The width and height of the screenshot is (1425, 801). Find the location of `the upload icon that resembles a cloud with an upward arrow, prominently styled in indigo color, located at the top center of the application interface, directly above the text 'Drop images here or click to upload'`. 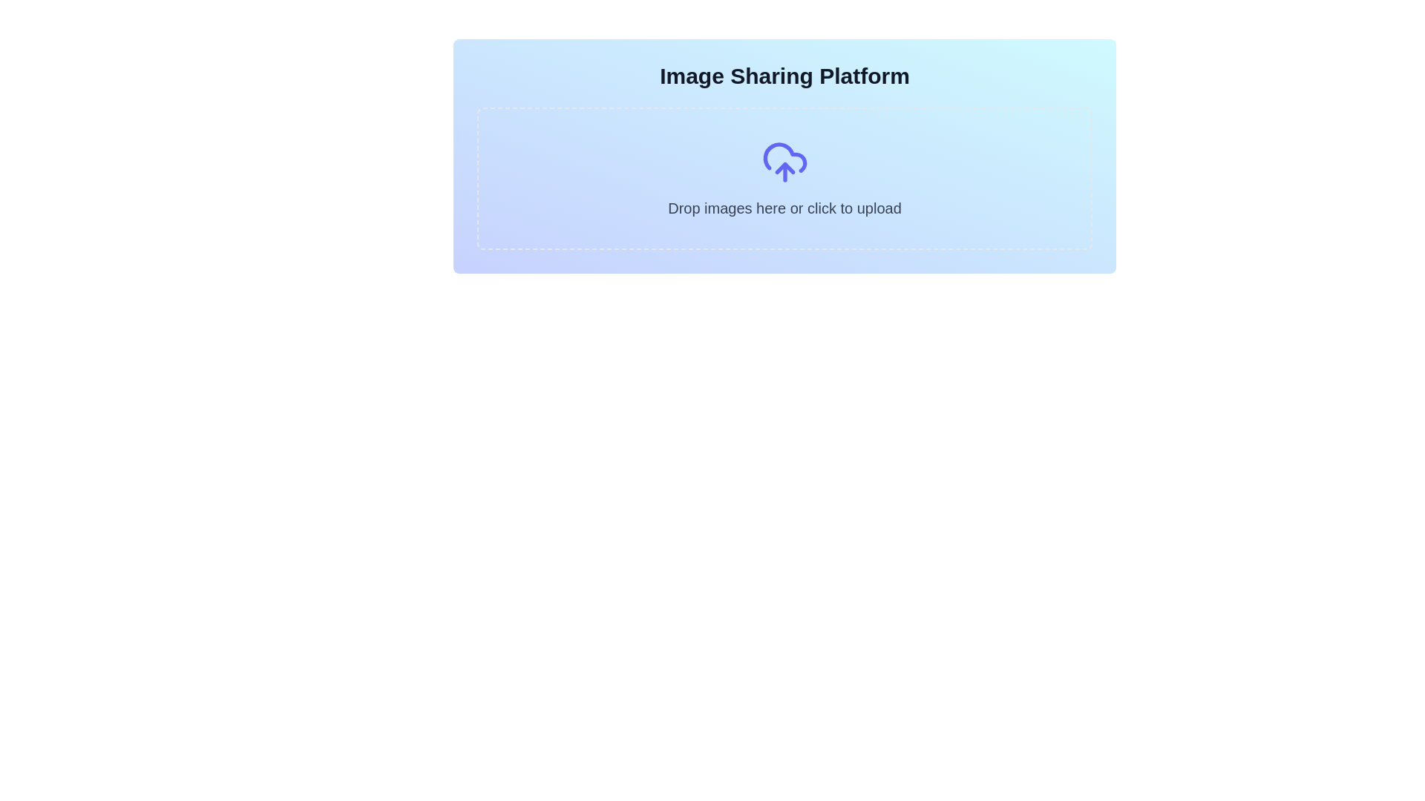

the upload icon that resembles a cloud with an upward arrow, prominently styled in indigo color, located at the top center of the application interface, directly above the text 'Drop images here or click to upload' is located at coordinates (784, 162).